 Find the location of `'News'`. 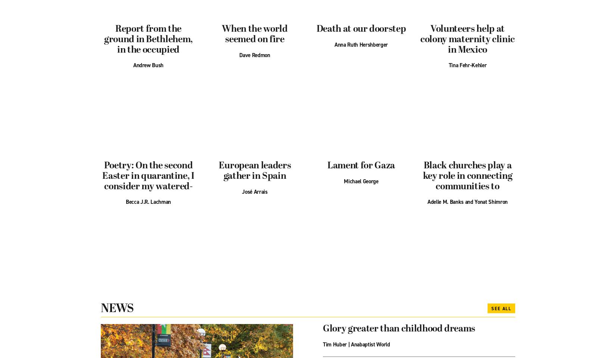

'News' is located at coordinates (117, 308).